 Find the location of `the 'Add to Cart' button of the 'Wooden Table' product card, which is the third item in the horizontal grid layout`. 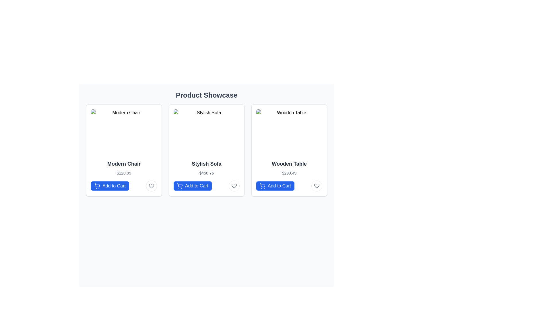

the 'Add to Cart' button of the 'Wooden Table' product card, which is the third item in the horizontal grid layout is located at coordinates (289, 150).